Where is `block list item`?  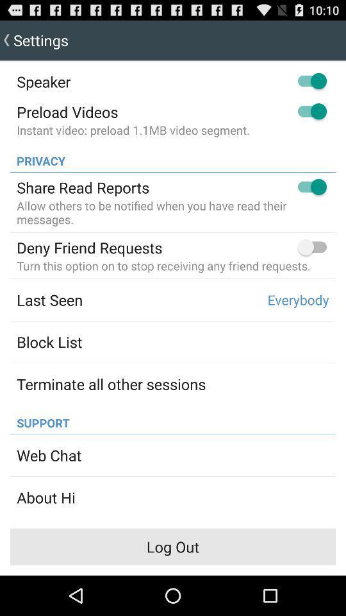 block list item is located at coordinates (49, 341).